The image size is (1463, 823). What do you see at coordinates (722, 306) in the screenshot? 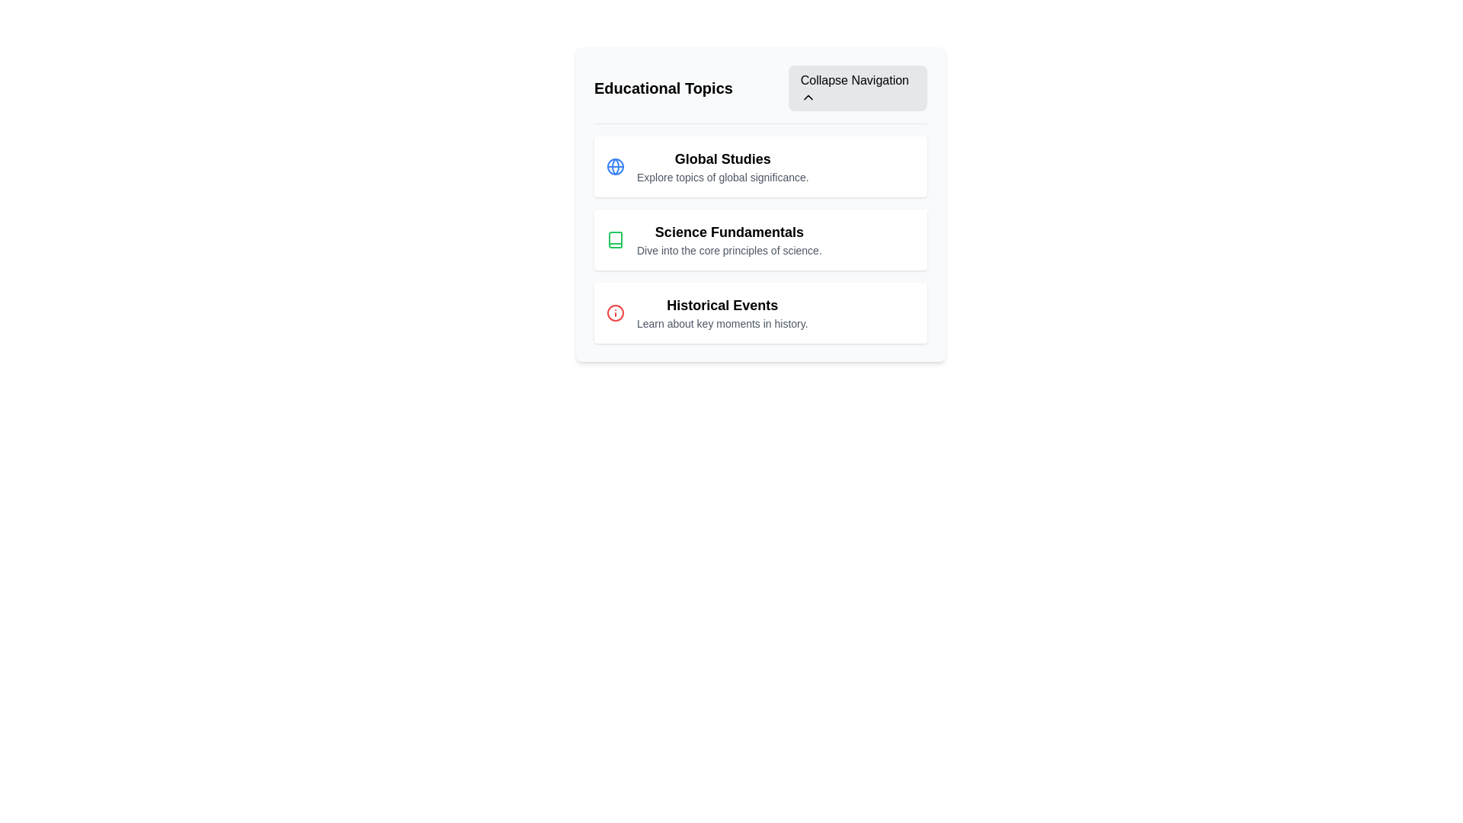
I see `the 'Historical Events' text label, which is styled in bold and semibold black font, located at the bottom of the vertical list in the 'Educational Topics' card interface` at bounding box center [722, 306].